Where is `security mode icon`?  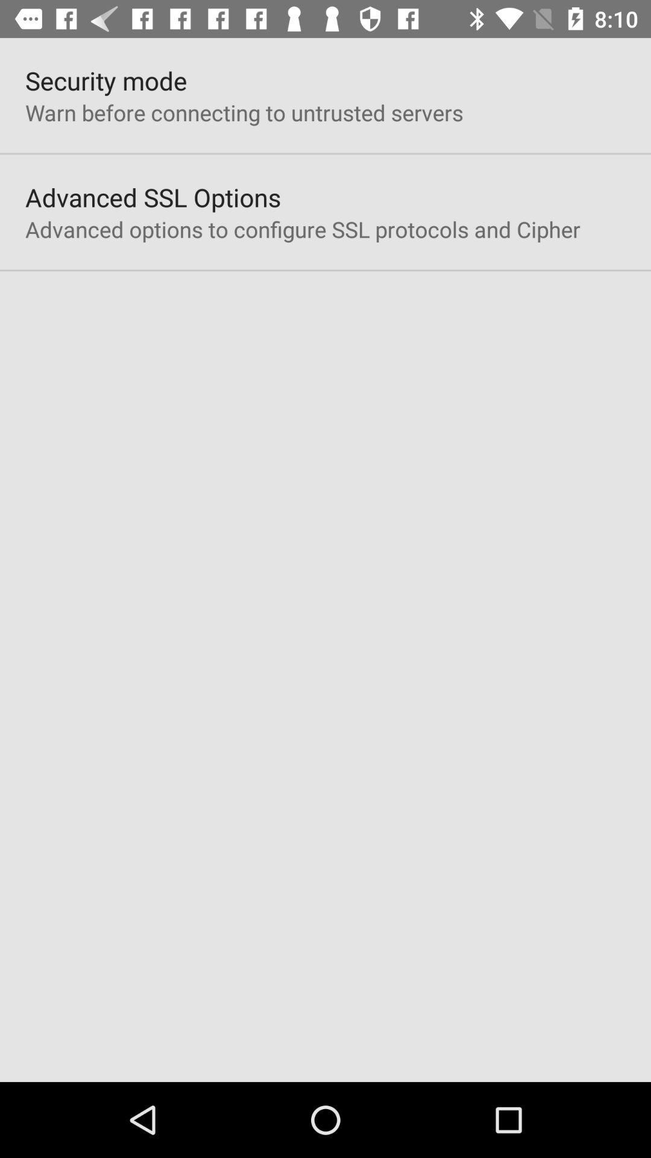 security mode icon is located at coordinates (105, 80).